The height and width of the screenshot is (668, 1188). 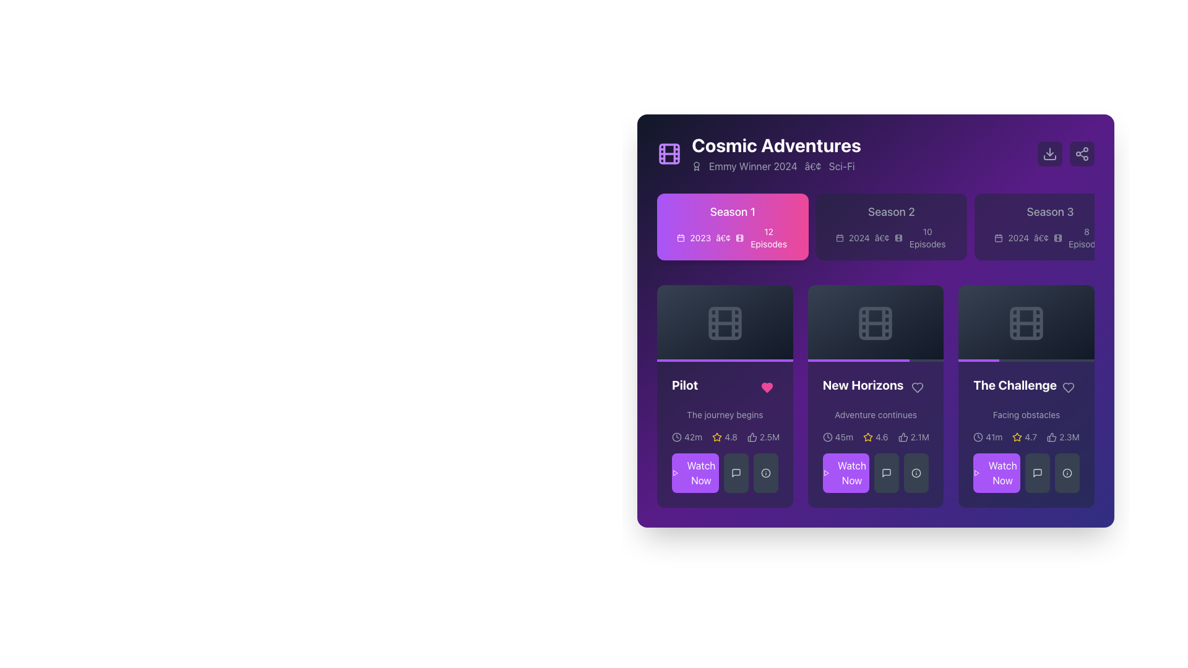 I want to click on the media image placeholder with a film reel icon located in the middle of the episode grid, so click(x=875, y=322).